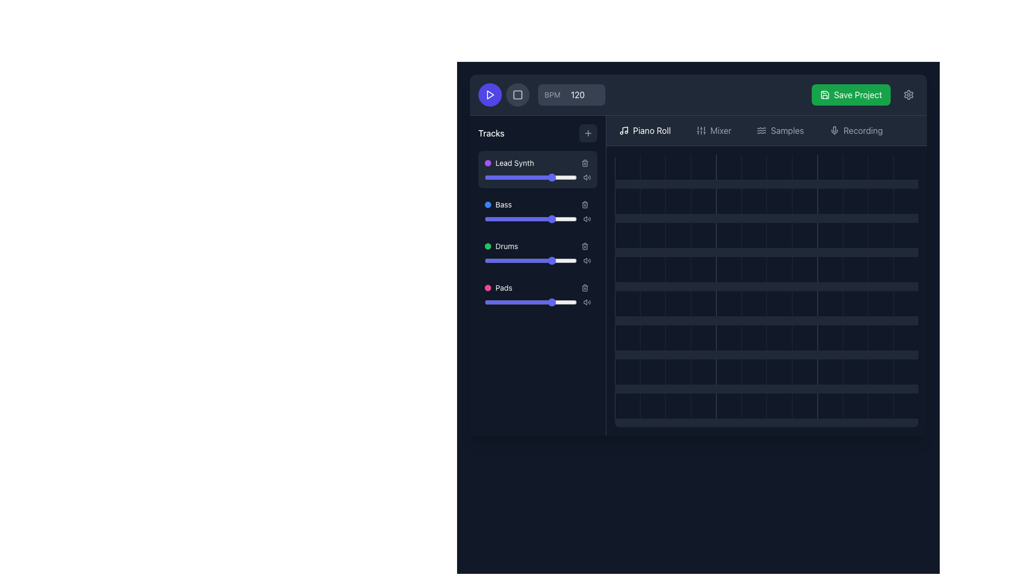 Image resolution: width=1024 pixels, height=576 pixels. I want to click on the interactive grid cell located in the 5th row and 2nd column of the grid layout, so click(652, 338).